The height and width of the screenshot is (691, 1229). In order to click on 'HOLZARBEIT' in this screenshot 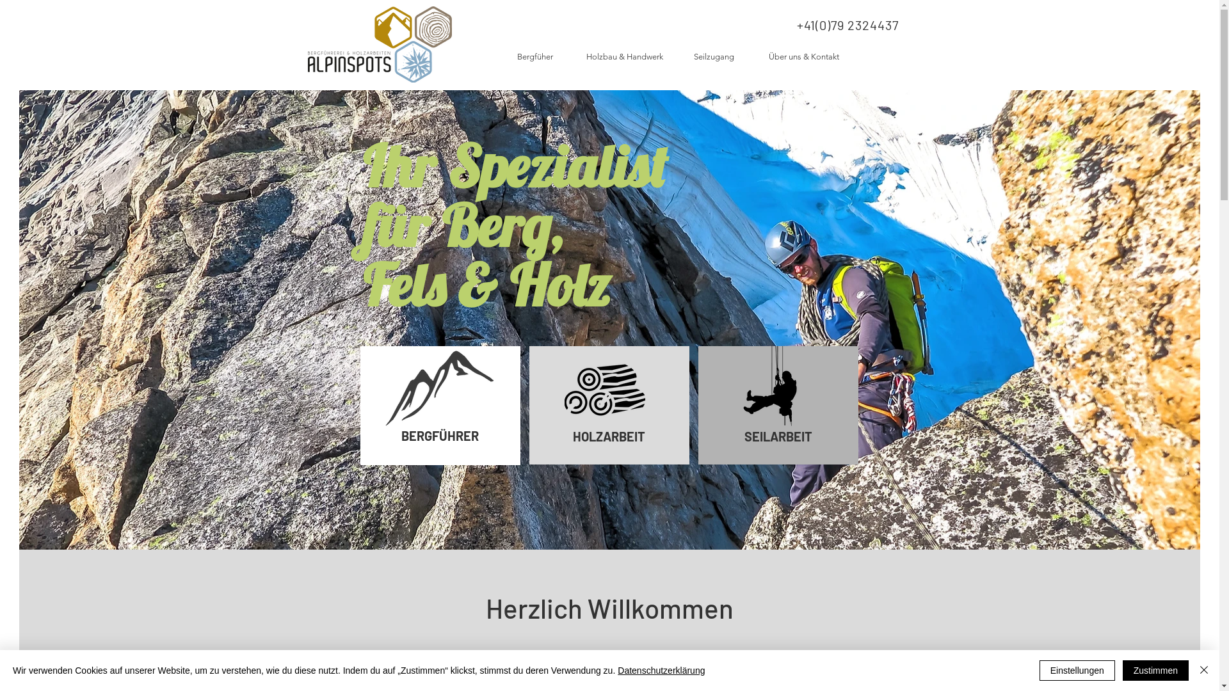, I will do `click(608, 436)`.